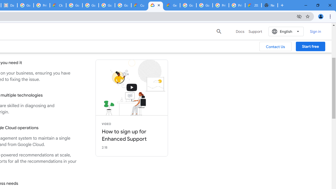 This screenshot has height=189, width=336. Describe the element at coordinates (275, 46) in the screenshot. I see `'Contact Us'` at that location.